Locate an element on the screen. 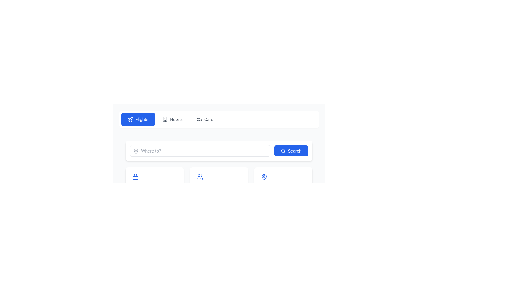 The image size is (518, 291). the 'Cars' tab in the horizontal menu located at the top-center of the section is located at coordinates (219, 119).